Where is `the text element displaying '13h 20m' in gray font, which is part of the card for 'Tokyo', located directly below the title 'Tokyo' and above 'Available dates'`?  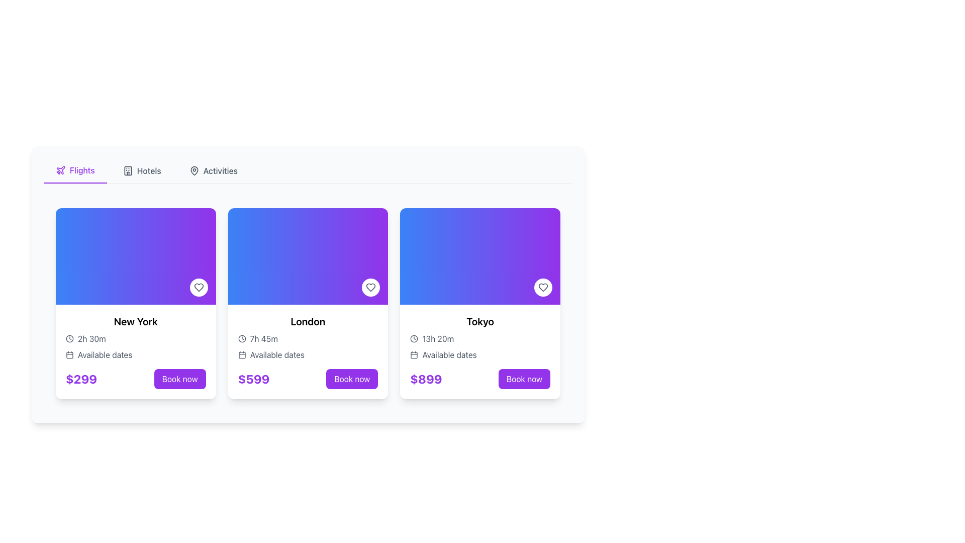
the text element displaying '13h 20m' in gray font, which is part of the card for 'Tokyo', located directly below the title 'Tokyo' and above 'Available dates' is located at coordinates (479, 339).